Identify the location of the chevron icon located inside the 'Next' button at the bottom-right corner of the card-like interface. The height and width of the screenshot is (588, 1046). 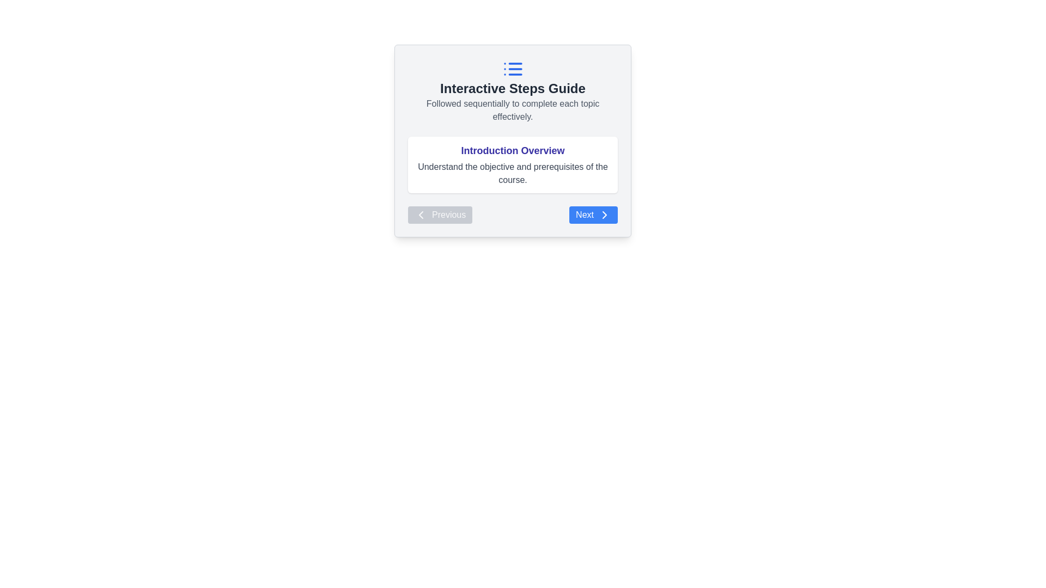
(604, 215).